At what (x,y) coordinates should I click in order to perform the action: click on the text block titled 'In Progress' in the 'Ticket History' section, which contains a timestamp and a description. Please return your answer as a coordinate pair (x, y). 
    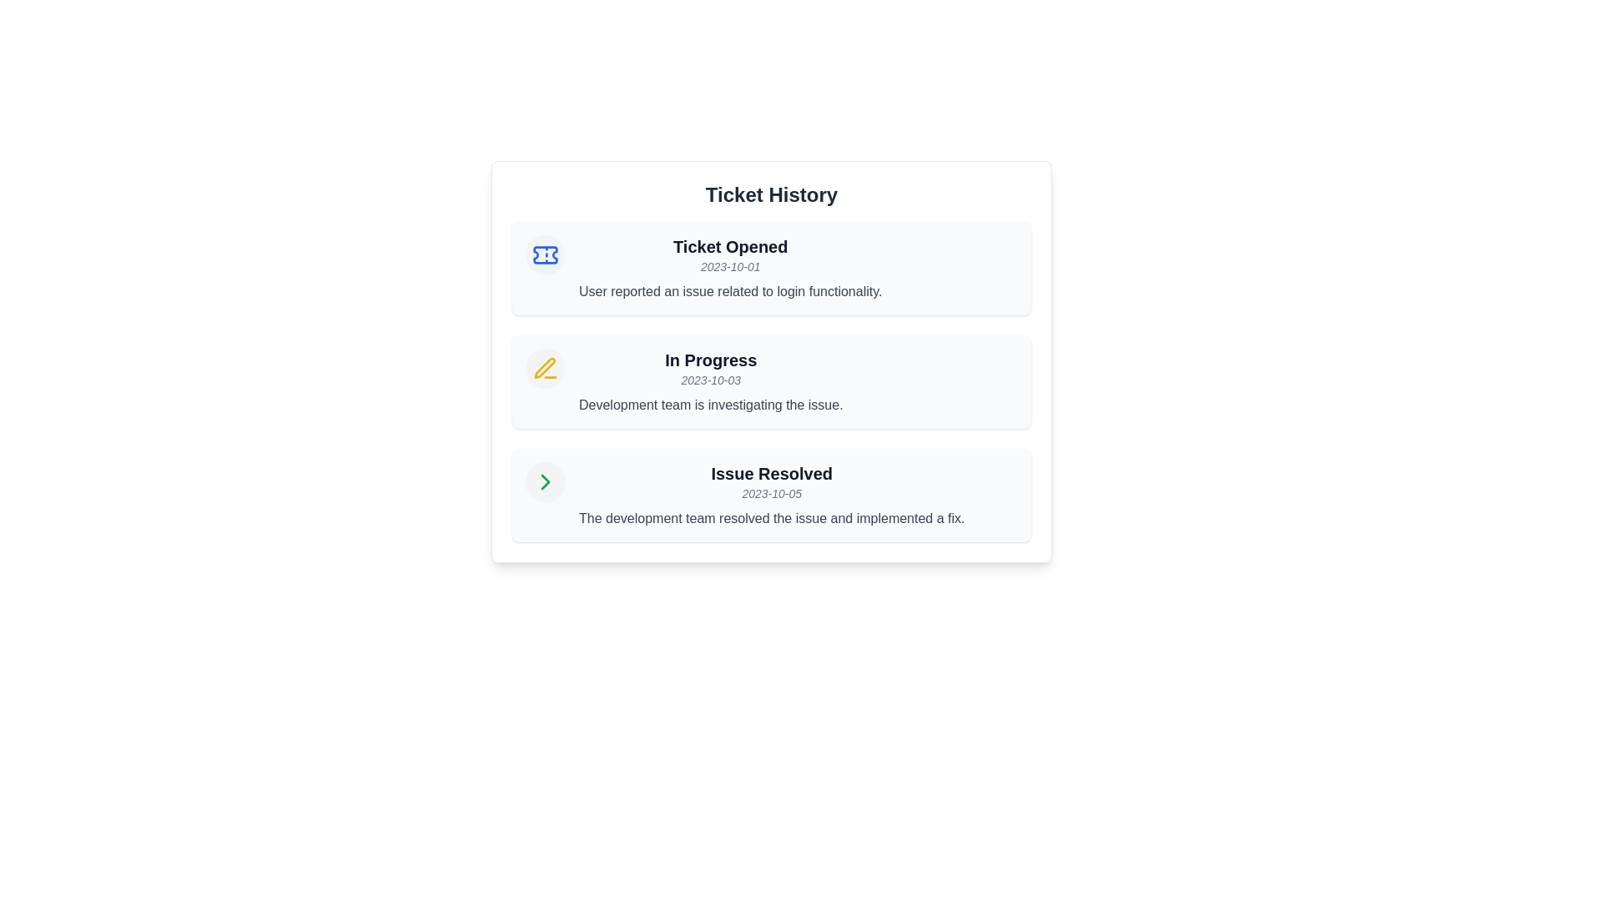
    Looking at the image, I should click on (711, 382).